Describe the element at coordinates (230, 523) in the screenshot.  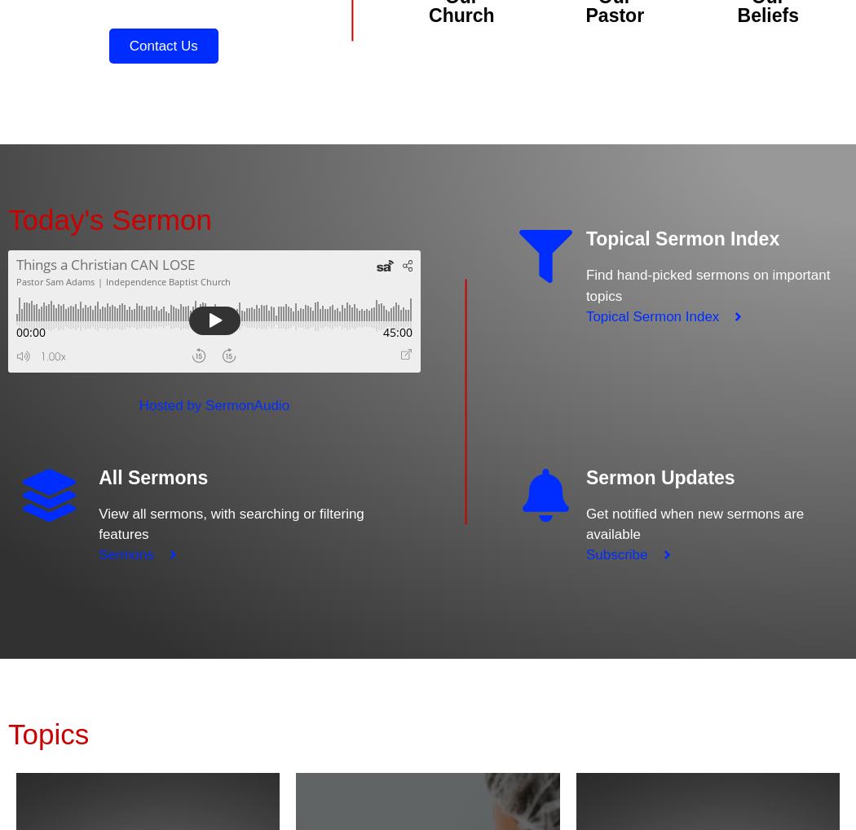
I see `'View all sermons, with searching or filtering features'` at that location.